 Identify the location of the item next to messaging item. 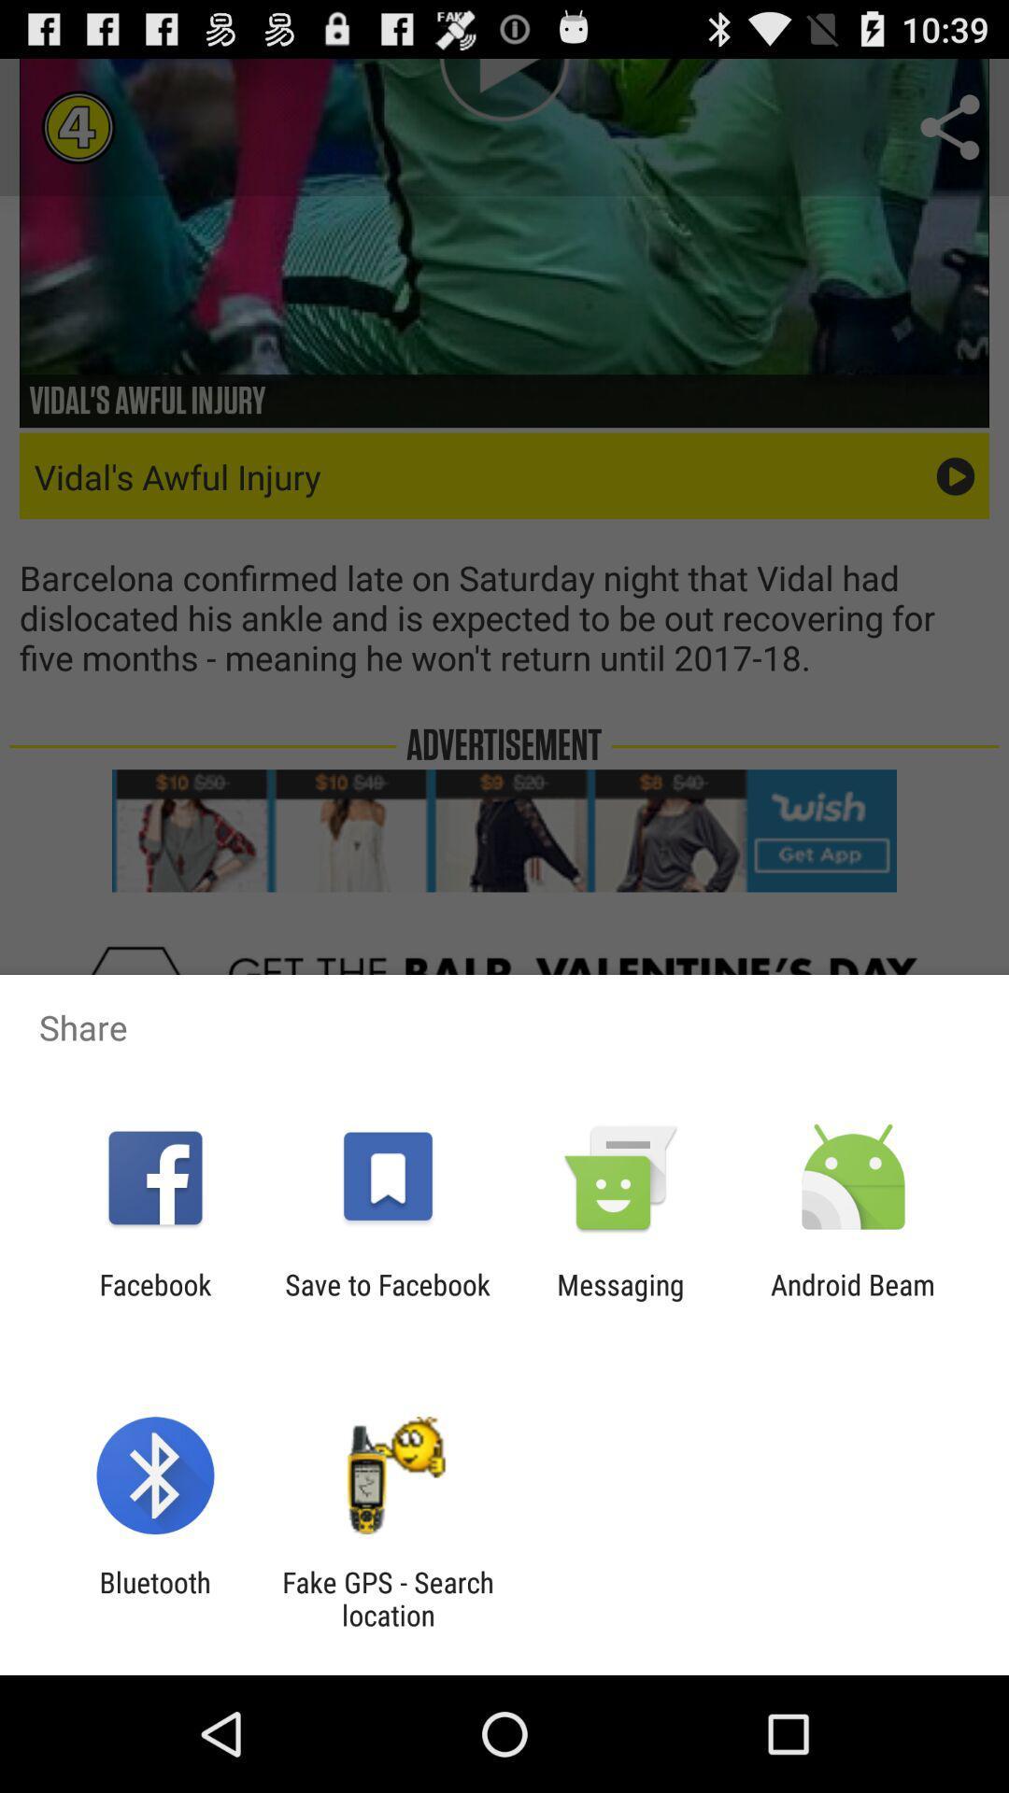
(387, 1300).